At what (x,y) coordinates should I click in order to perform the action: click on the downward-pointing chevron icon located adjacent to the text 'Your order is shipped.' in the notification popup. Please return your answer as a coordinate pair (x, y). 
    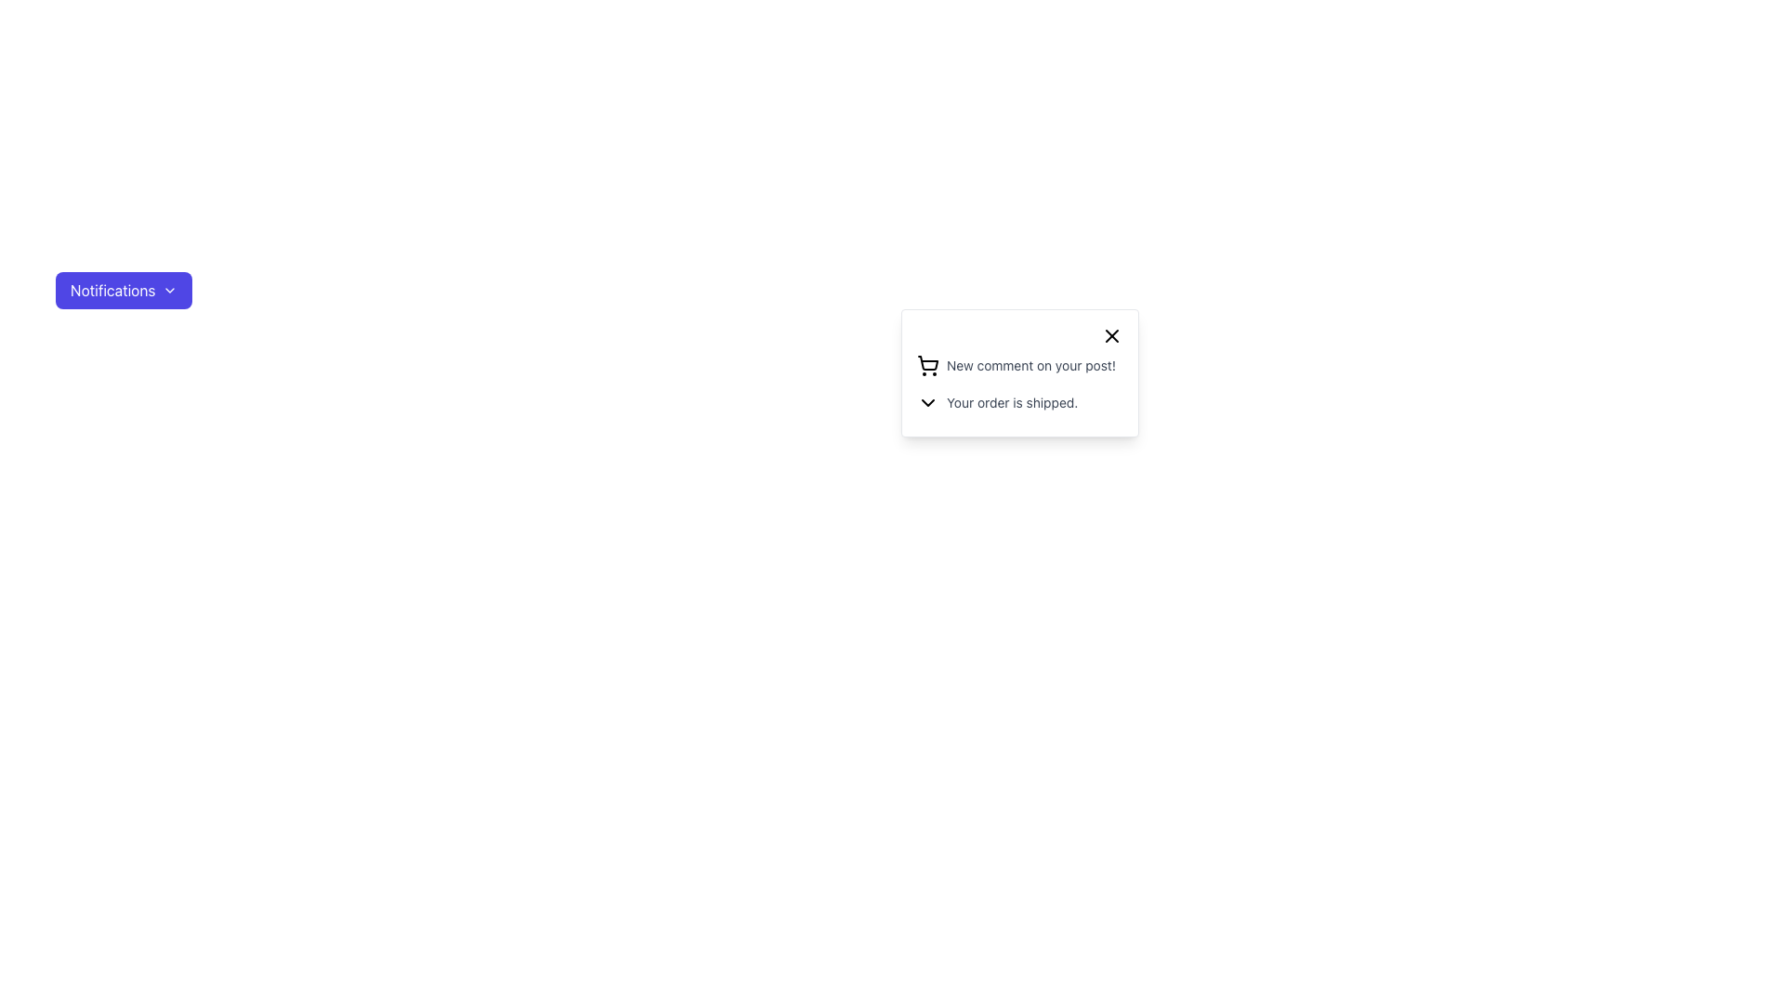
    Looking at the image, I should click on (927, 402).